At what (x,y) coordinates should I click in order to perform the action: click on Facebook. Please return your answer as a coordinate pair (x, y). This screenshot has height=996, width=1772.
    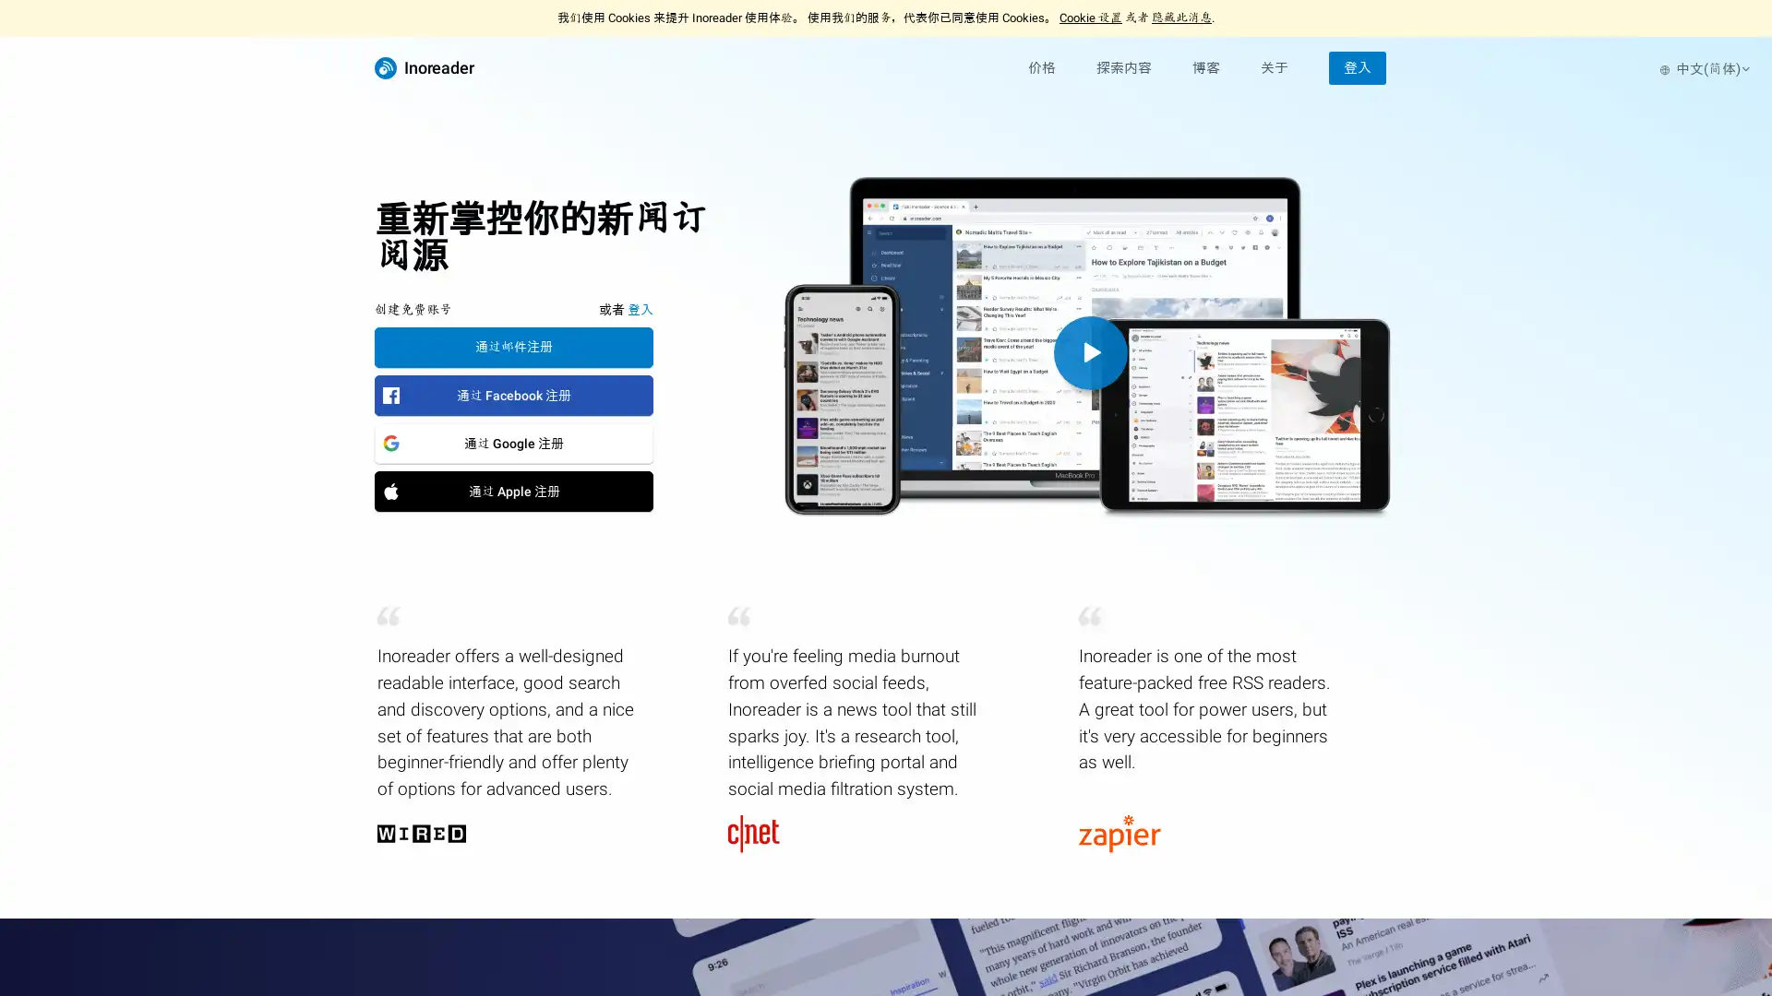
    Looking at the image, I should click on (513, 394).